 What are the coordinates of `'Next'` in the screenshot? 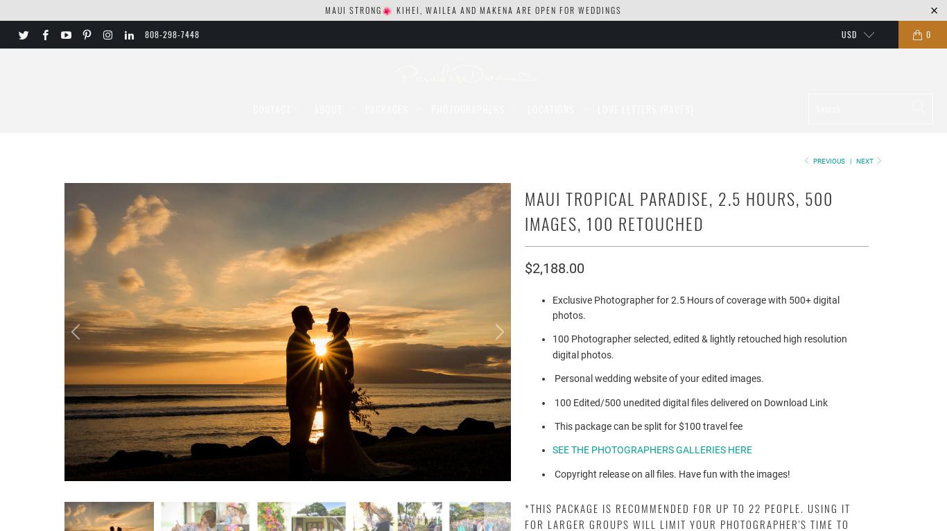 It's located at (865, 159).